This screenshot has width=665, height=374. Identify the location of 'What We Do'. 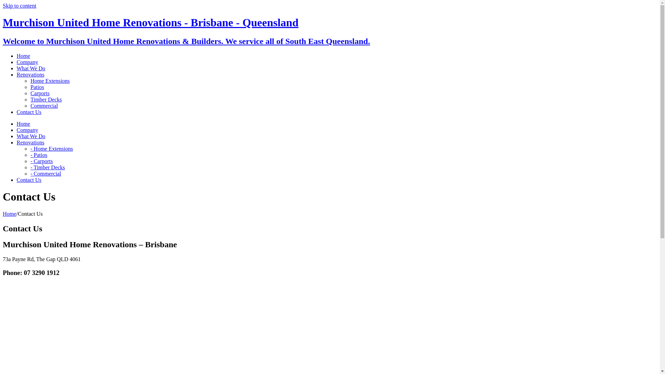
(30, 136).